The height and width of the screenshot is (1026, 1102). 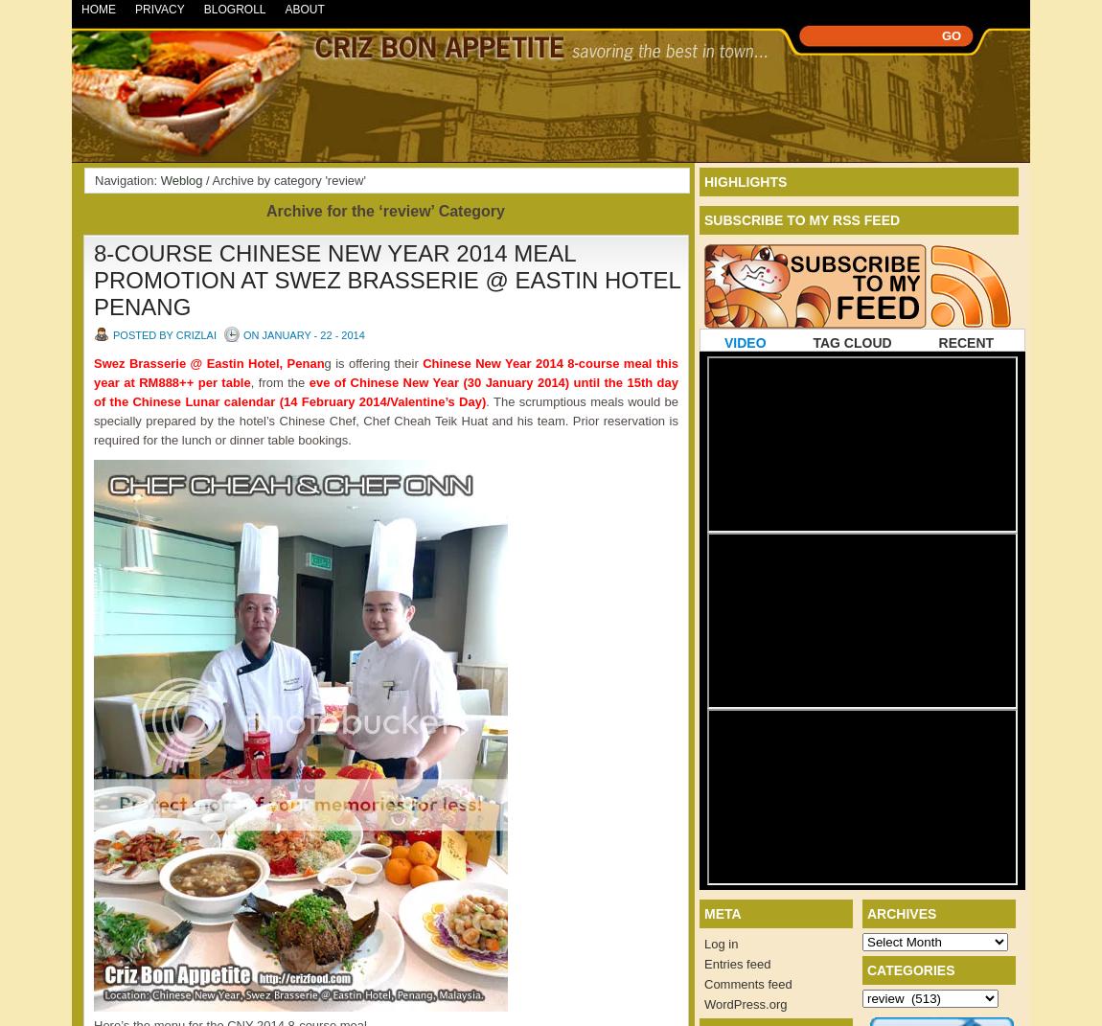 I want to click on ', from the', so click(x=279, y=382).